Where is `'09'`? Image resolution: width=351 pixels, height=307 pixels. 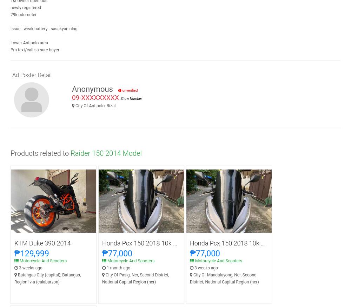
'09' is located at coordinates (72, 97).